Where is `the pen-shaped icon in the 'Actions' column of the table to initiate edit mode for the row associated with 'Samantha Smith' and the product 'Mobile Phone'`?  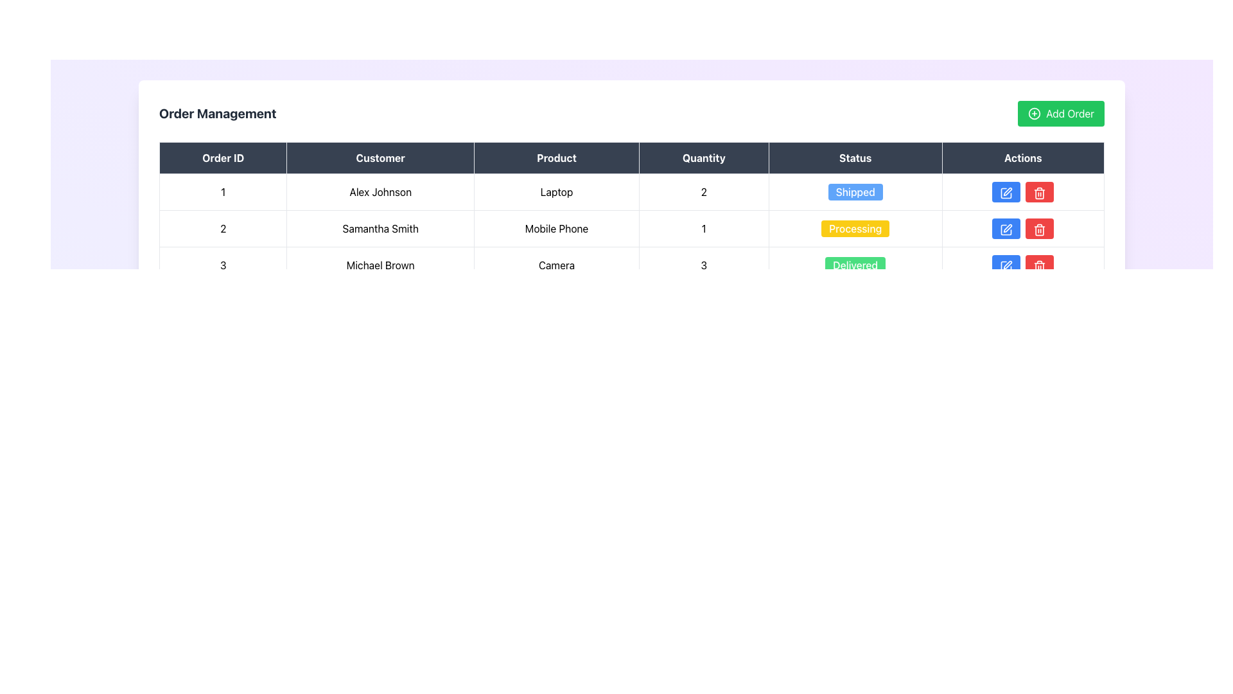
the pen-shaped icon in the 'Actions' column of the table to initiate edit mode for the row associated with 'Samantha Smith' and the product 'Mobile Phone' is located at coordinates (1007, 191).